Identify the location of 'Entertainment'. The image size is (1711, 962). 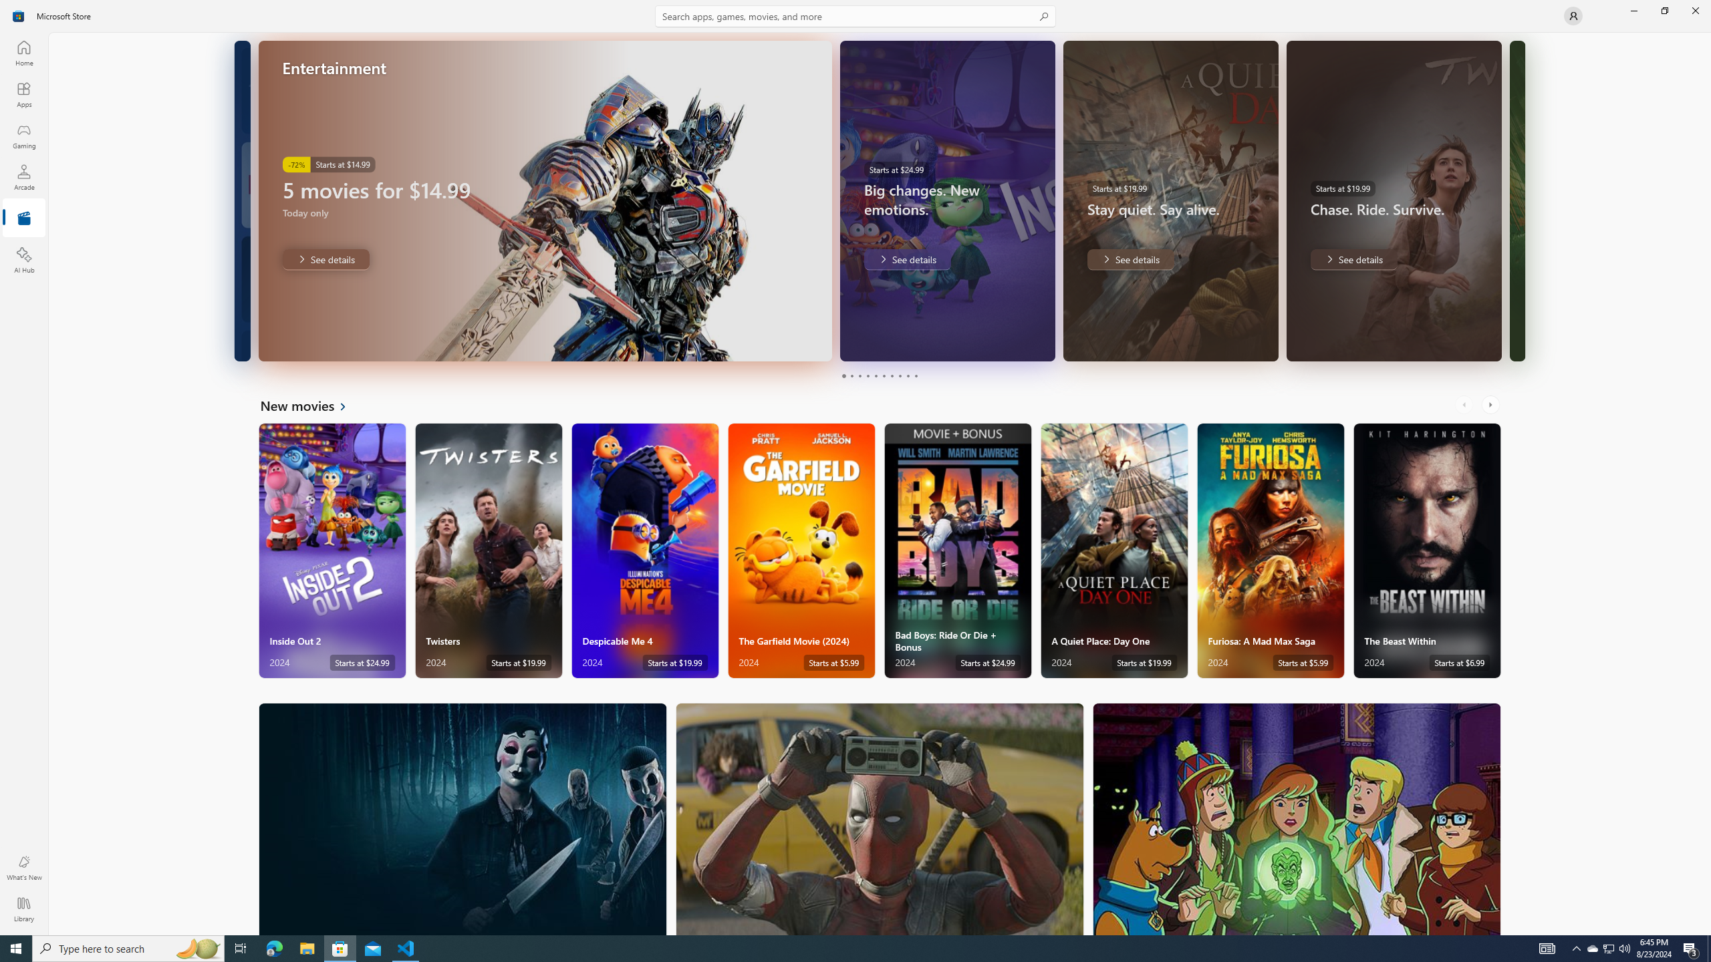
(23, 218).